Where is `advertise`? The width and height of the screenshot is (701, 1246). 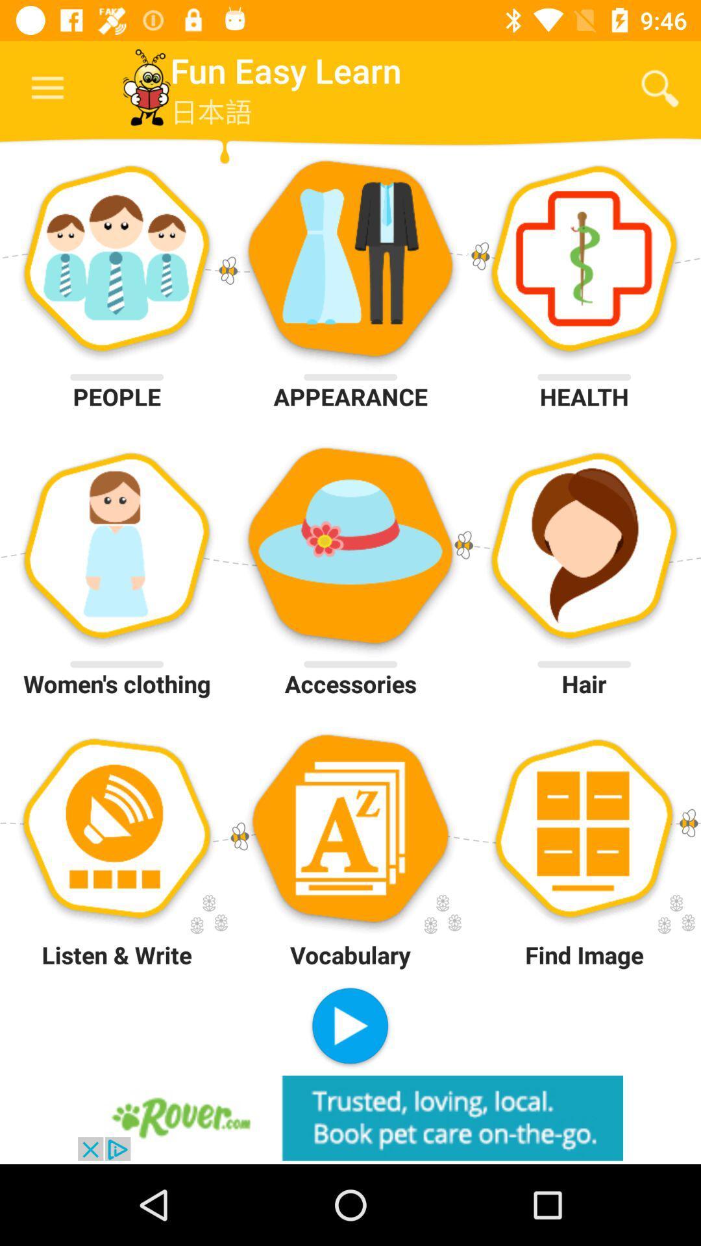 advertise is located at coordinates (350, 1118).